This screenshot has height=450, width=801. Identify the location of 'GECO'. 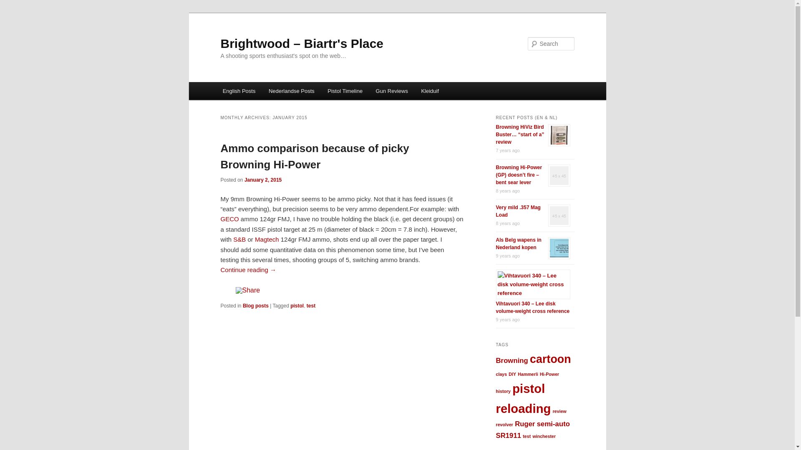
(229, 218).